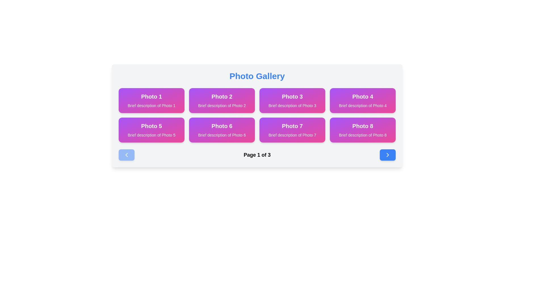 This screenshot has width=545, height=306. Describe the element at coordinates (292, 126) in the screenshot. I see `the text label that serves as a heading for the card related to 'Photo 7' located in the second row, third column of the grid layout` at that location.